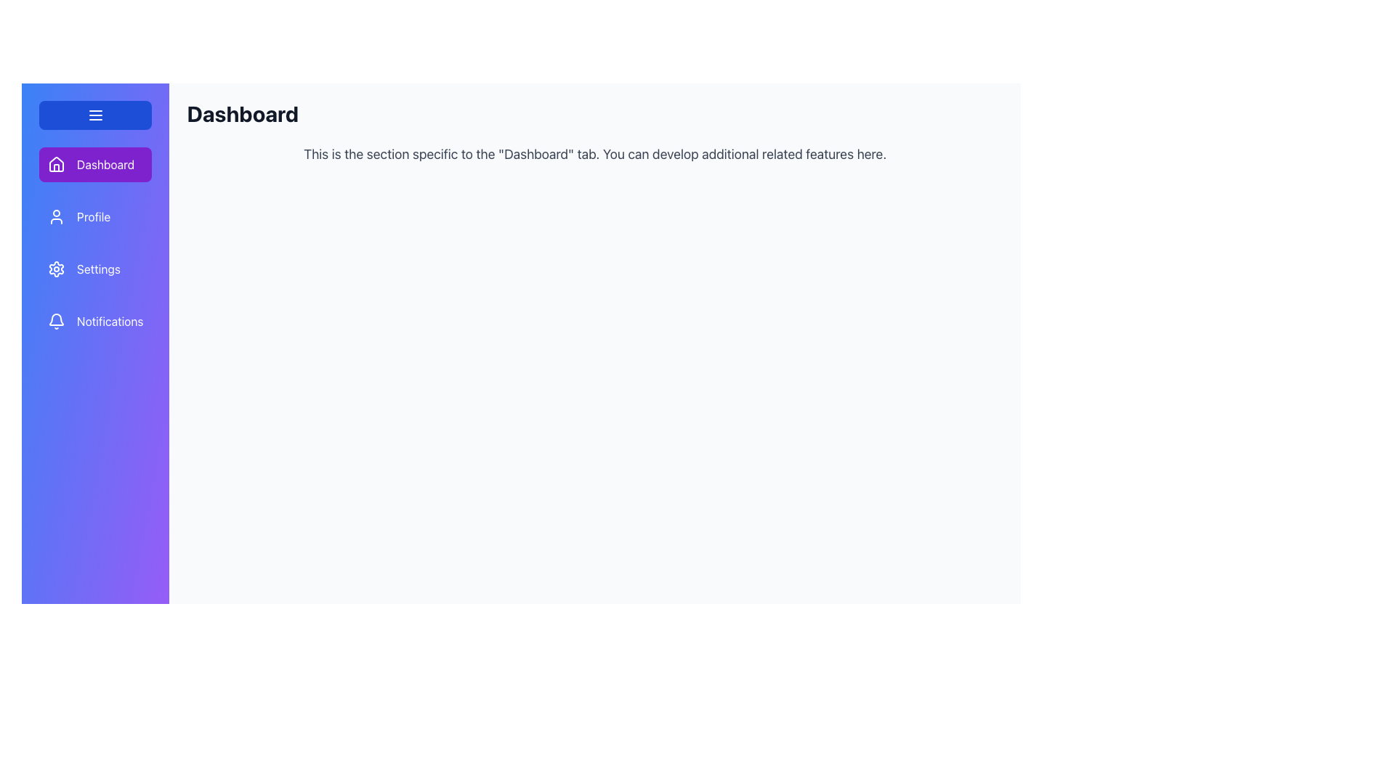  What do you see at coordinates (94, 114) in the screenshot?
I see `the menu icon located at the top of the vertical sidebar` at bounding box center [94, 114].